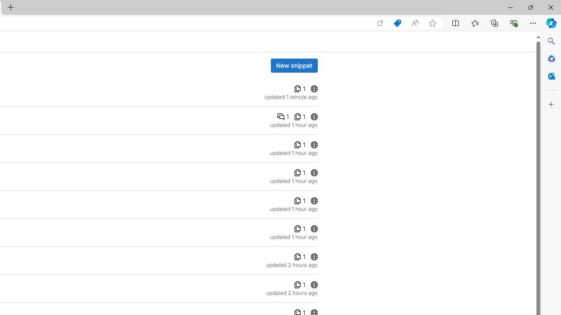 The height and width of the screenshot is (315, 561). Describe the element at coordinates (294, 65) in the screenshot. I see `'New snippet'` at that location.